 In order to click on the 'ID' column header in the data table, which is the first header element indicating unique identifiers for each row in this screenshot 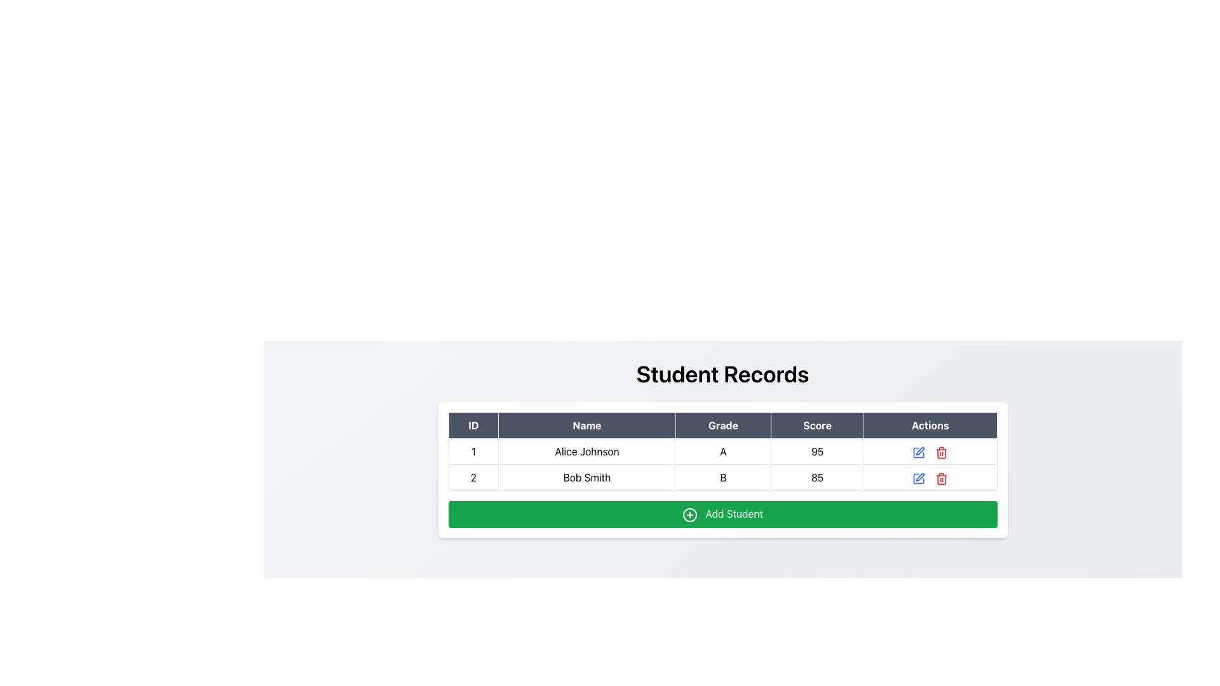, I will do `click(473, 426)`.